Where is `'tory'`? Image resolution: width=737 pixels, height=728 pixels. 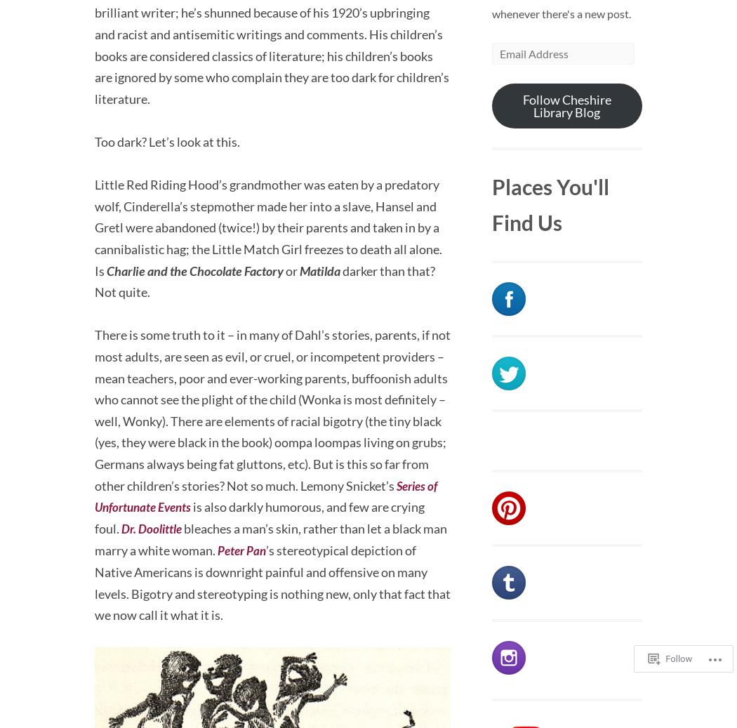
'tory' is located at coordinates (272, 269).